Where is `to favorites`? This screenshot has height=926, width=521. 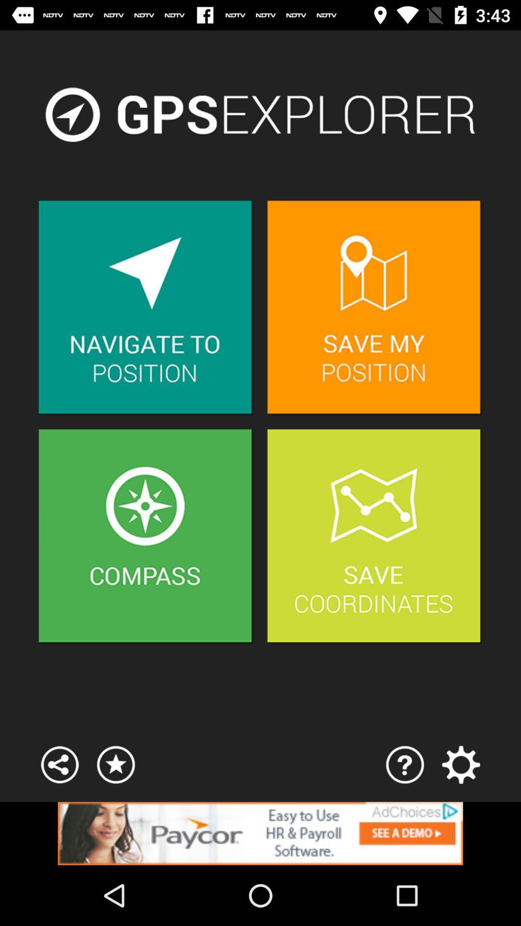
to favorites is located at coordinates (115, 764).